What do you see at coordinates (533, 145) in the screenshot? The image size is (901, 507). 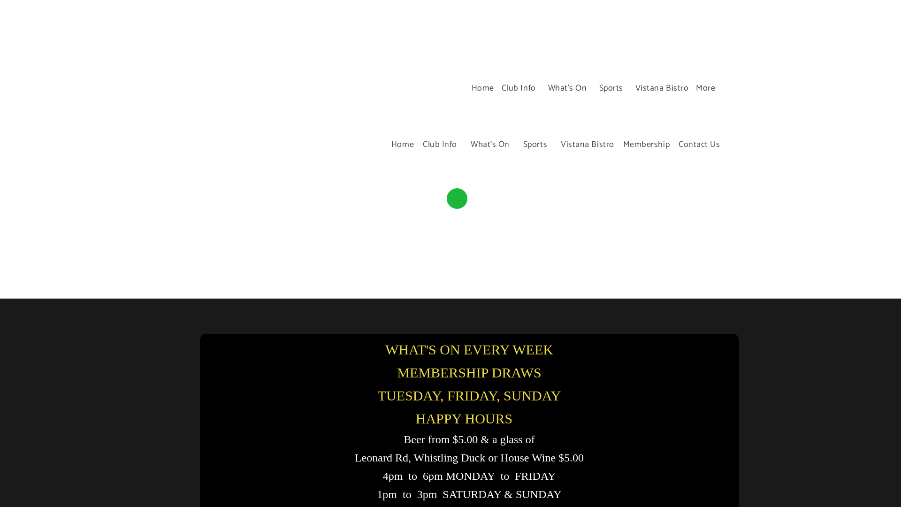 I see `'Sports'` at bounding box center [533, 145].